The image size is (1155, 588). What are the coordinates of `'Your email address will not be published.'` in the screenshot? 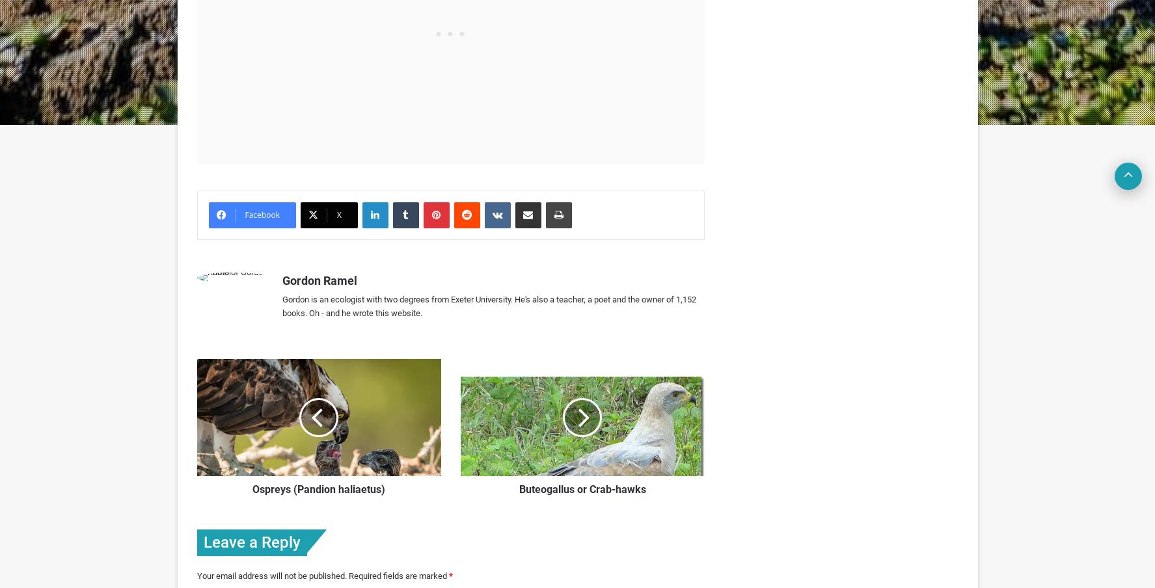 It's located at (271, 575).